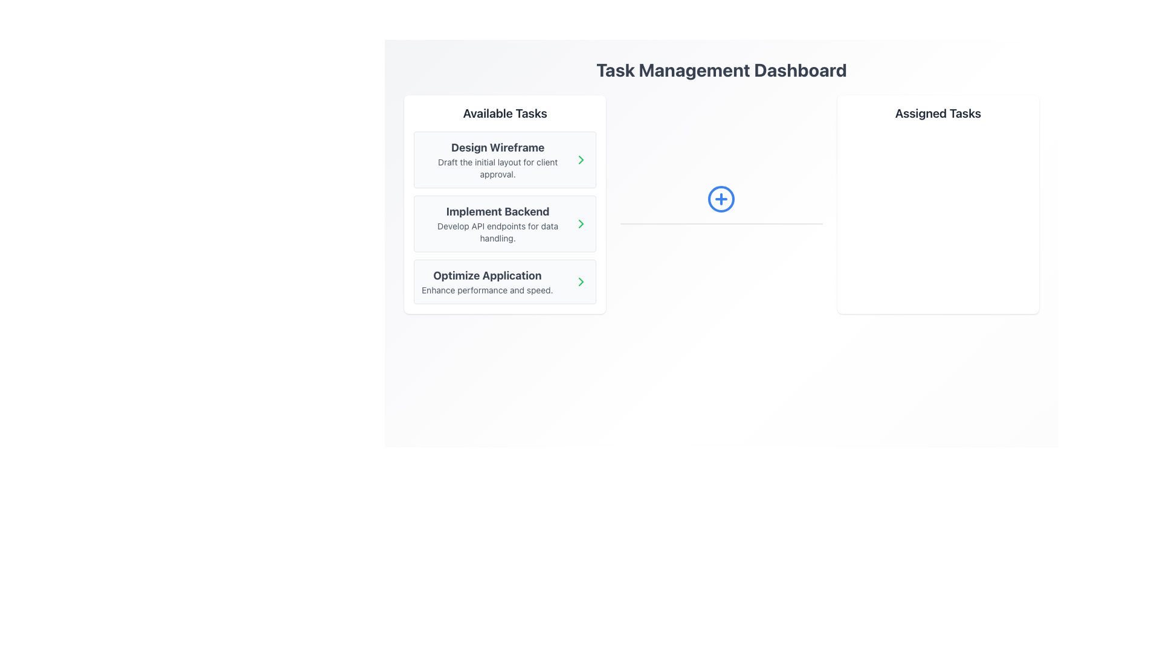 Image resolution: width=1160 pixels, height=652 pixels. What do you see at coordinates (581, 281) in the screenshot?
I see `the right-facing chevron icon styled in green located on the right side of the card titled 'Optimize Application'` at bounding box center [581, 281].